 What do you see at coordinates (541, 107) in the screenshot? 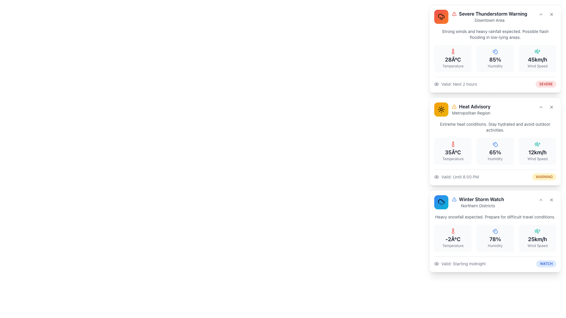
I see `the chevron icon in the 'Heat Advisory' section` at bounding box center [541, 107].